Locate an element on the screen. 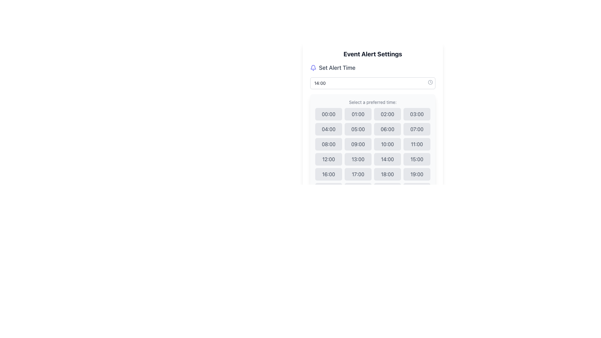  the square button with rounded corners labeled '05:00' located in the second row and second column of the time selection grid is located at coordinates (358, 129).